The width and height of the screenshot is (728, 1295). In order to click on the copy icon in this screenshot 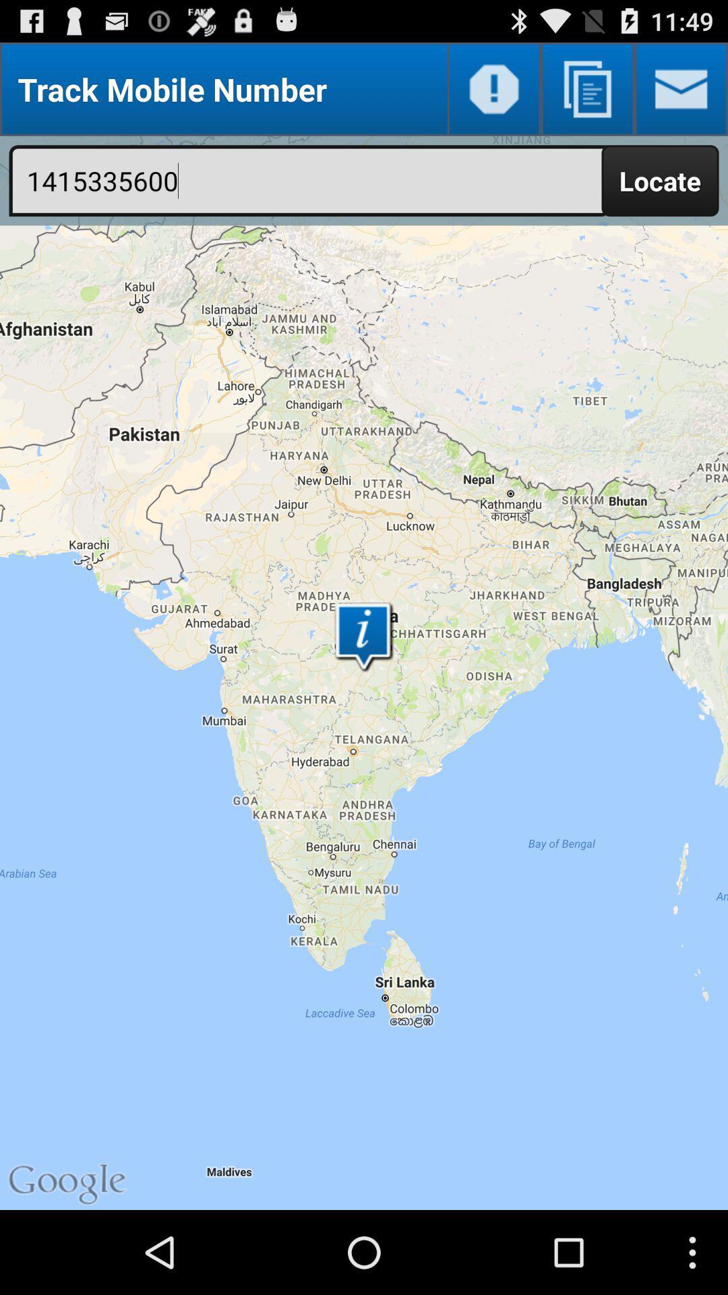, I will do `click(586, 94)`.